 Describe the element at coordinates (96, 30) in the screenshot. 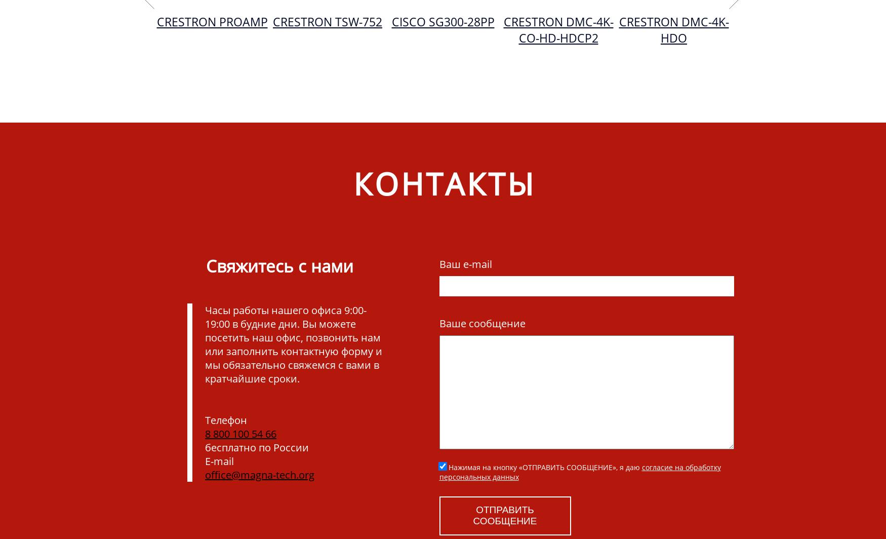

I see `'Crestron DMC-4K-CO-HDCP2'` at that location.